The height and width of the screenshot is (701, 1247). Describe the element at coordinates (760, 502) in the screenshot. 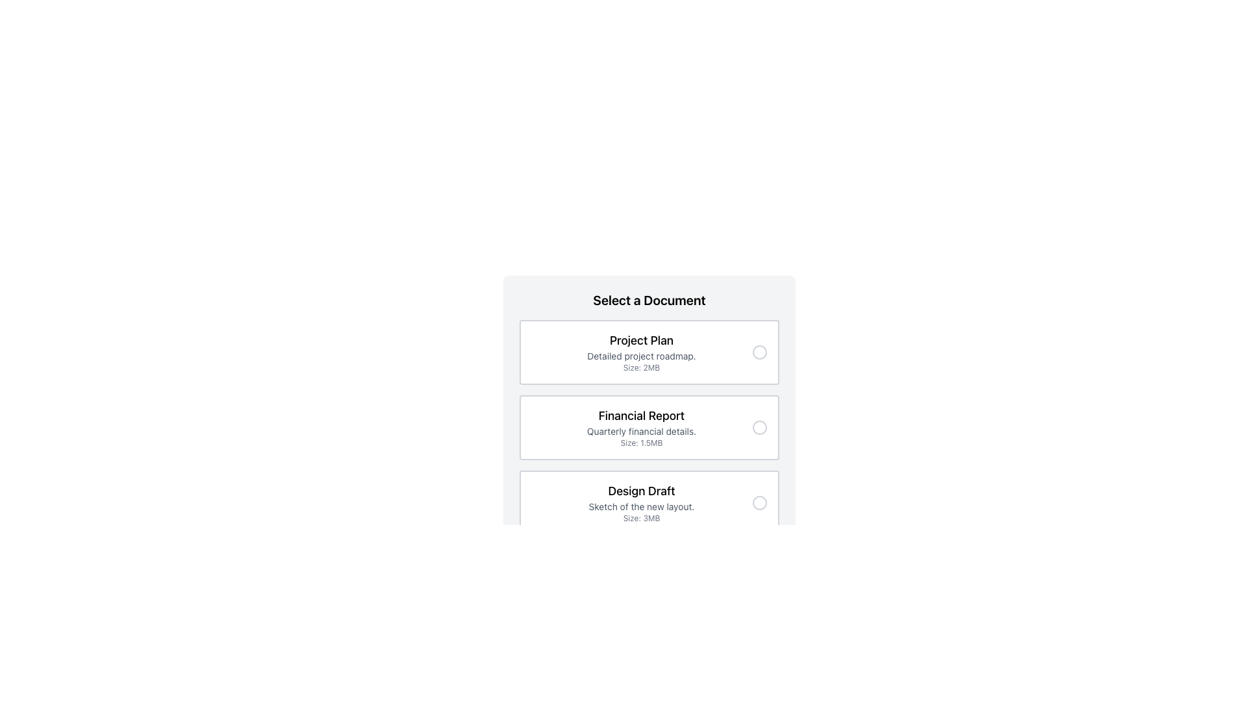

I see `the radio button indicator located at the far right of the 'Design Draft' option` at that location.